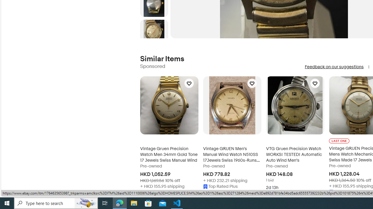 The height and width of the screenshot is (209, 373). Describe the element at coordinates (334, 66) in the screenshot. I see `'Feedback on our suggestions'` at that location.